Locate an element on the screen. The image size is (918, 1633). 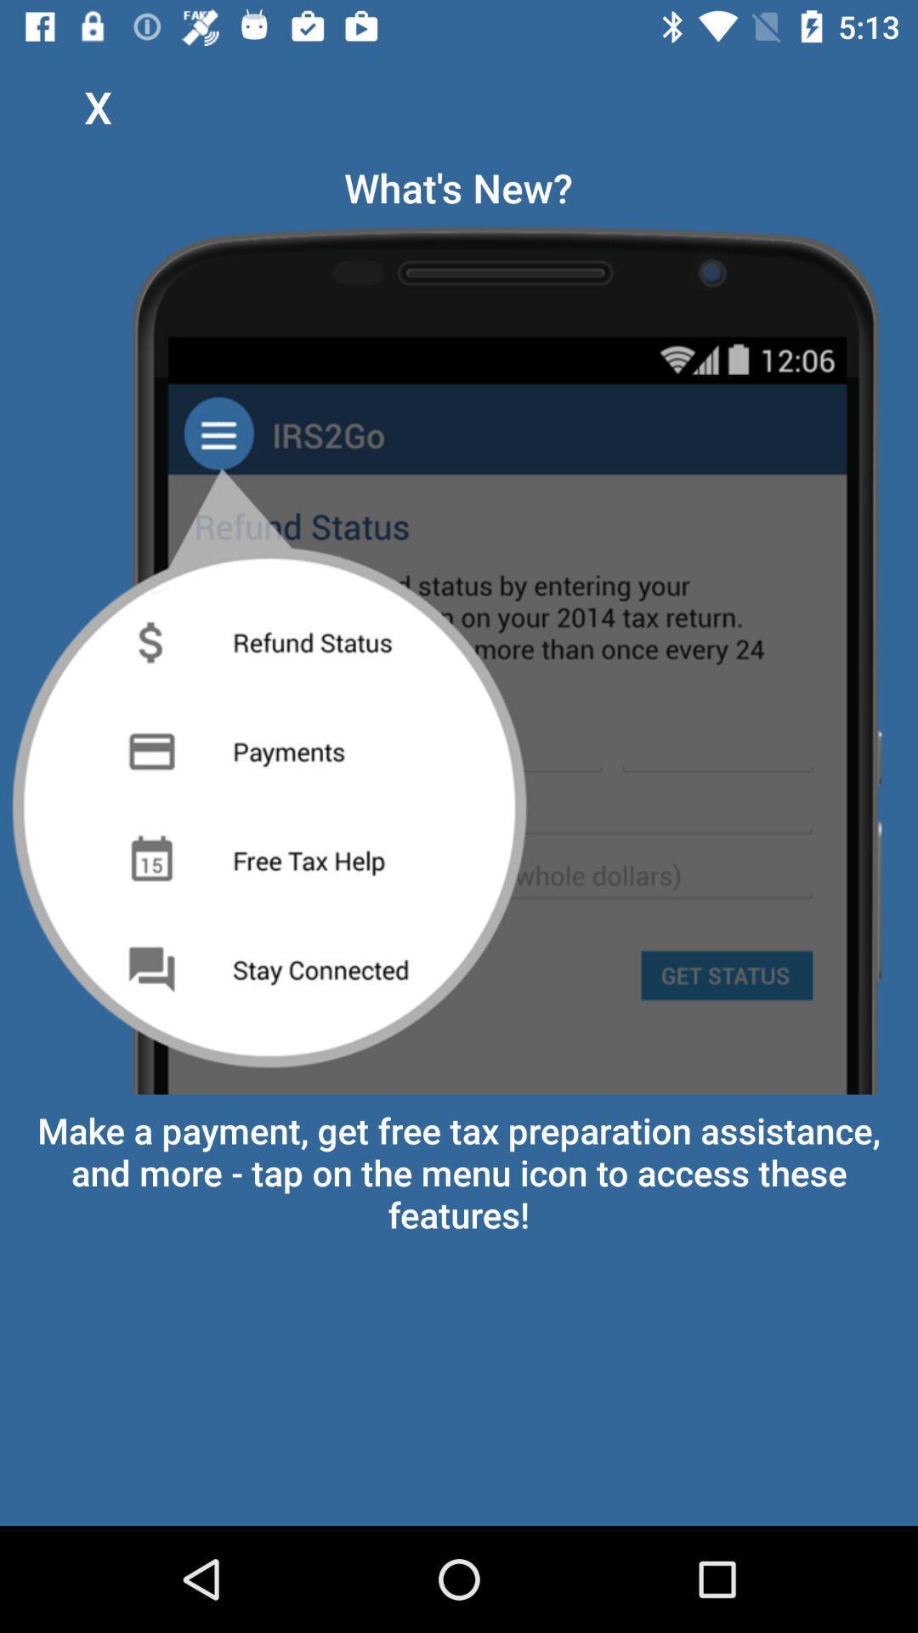
the item to the left of the what's new? icon is located at coordinates (98, 105).